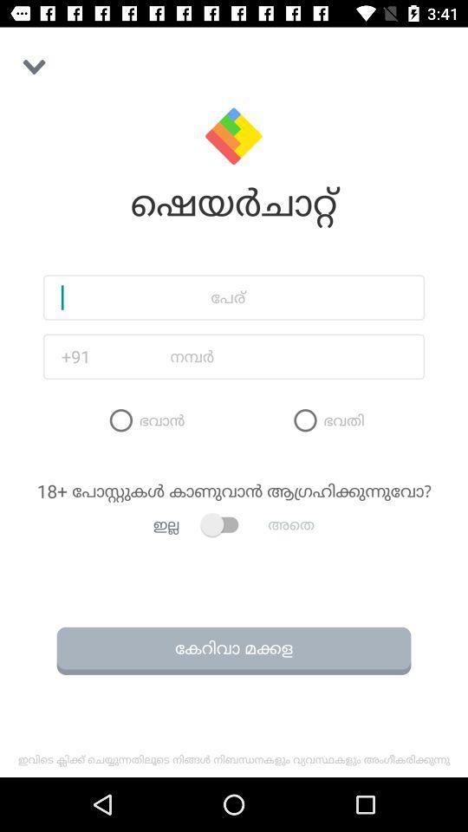 The height and width of the screenshot is (832, 468). What do you see at coordinates (262, 355) in the screenshot?
I see `the icon to the right of the +91 item` at bounding box center [262, 355].